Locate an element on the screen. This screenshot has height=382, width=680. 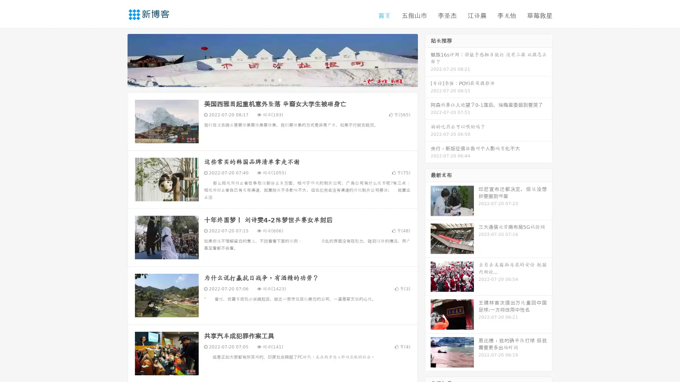
Go to slide 3 is located at coordinates (279, 80).